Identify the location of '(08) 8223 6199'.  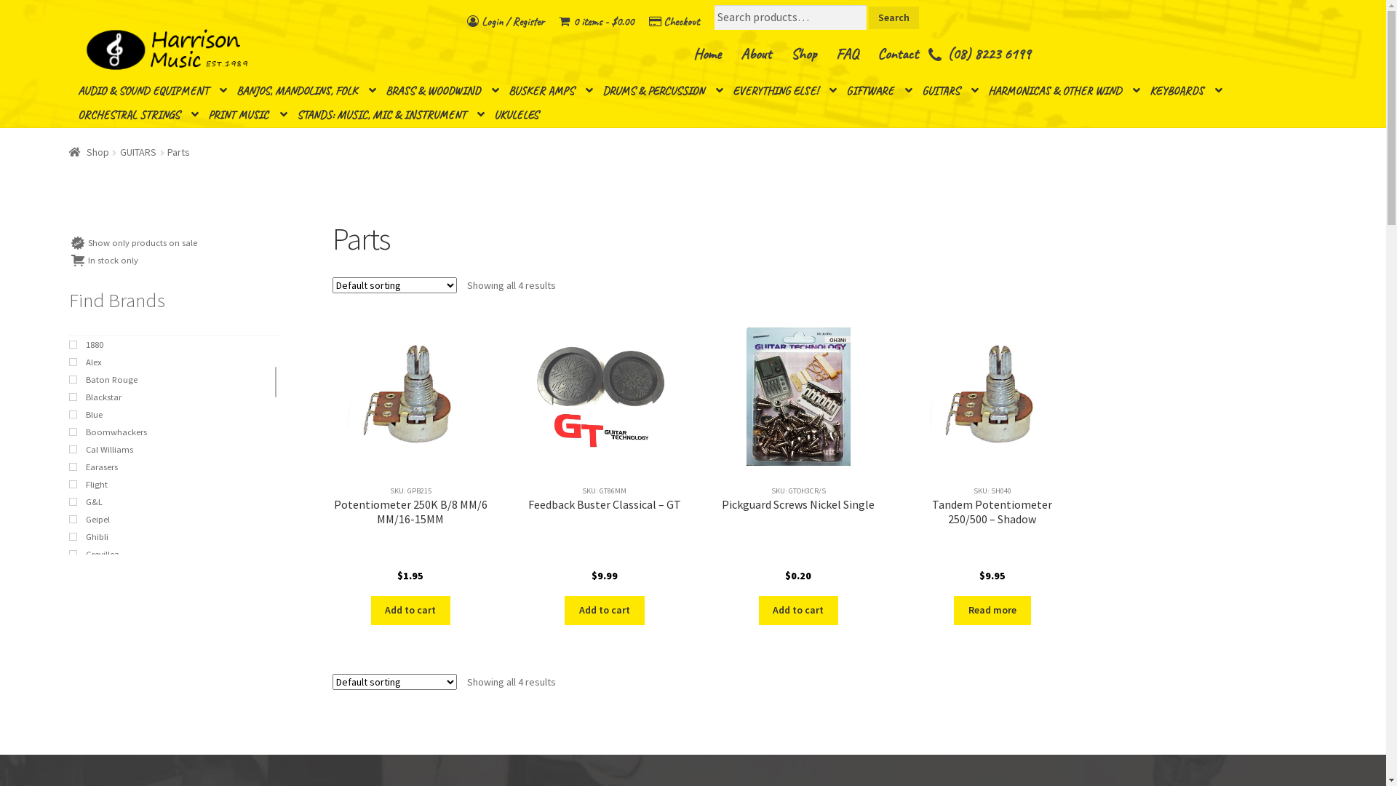
(988, 53).